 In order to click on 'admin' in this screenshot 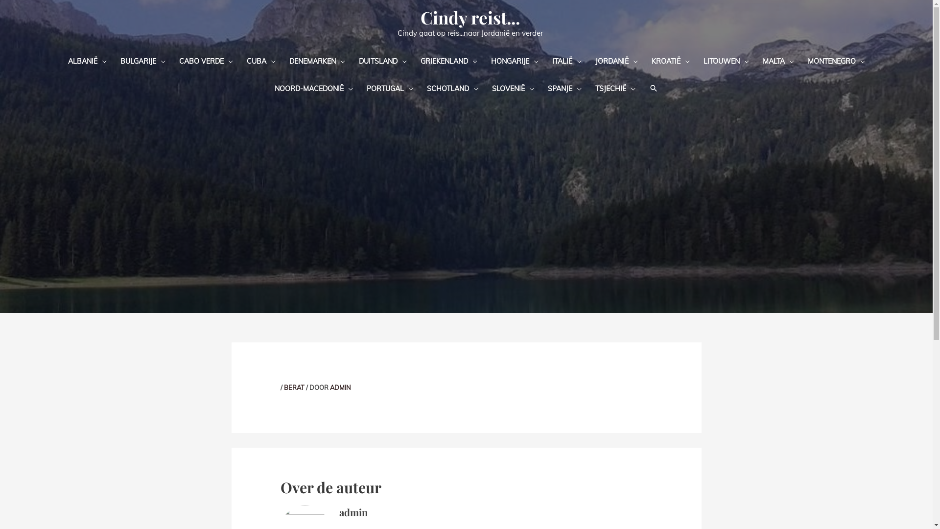, I will do `click(352, 511)`.